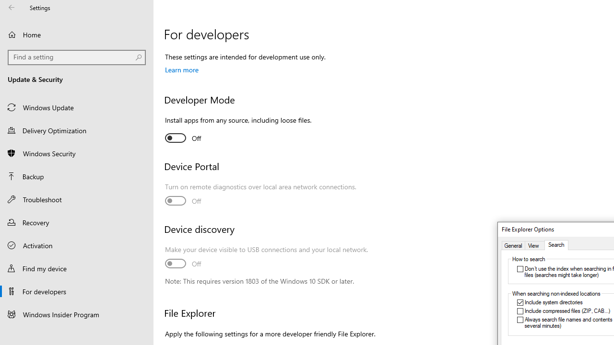 This screenshot has height=345, width=614. Describe the element at coordinates (513, 245) in the screenshot. I see `'General'` at that location.